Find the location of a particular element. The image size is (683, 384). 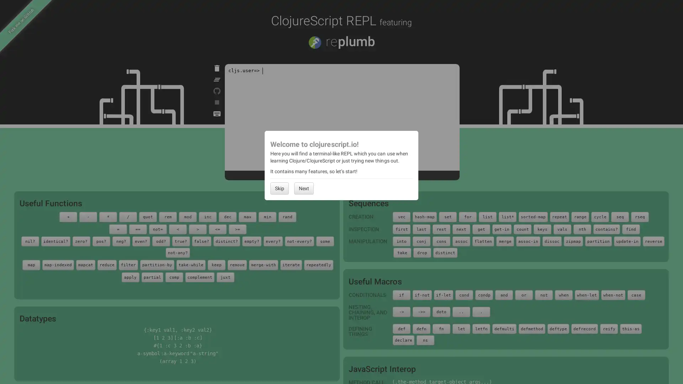

ns is located at coordinates (425, 340).